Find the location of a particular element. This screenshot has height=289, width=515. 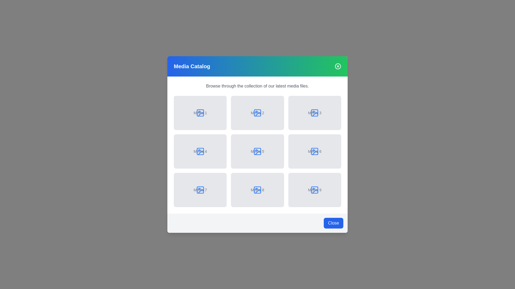

the background overlay to dismiss the dialog is located at coordinates (257, 144).